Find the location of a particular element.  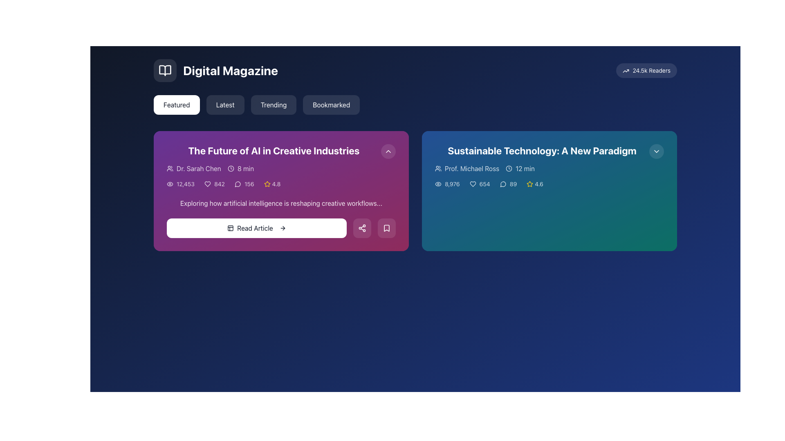

the eye-shaped outline in the SVG that represents visibility, located within the content block titled 'The Future of AI in Creative Industries' is located at coordinates (170, 184).